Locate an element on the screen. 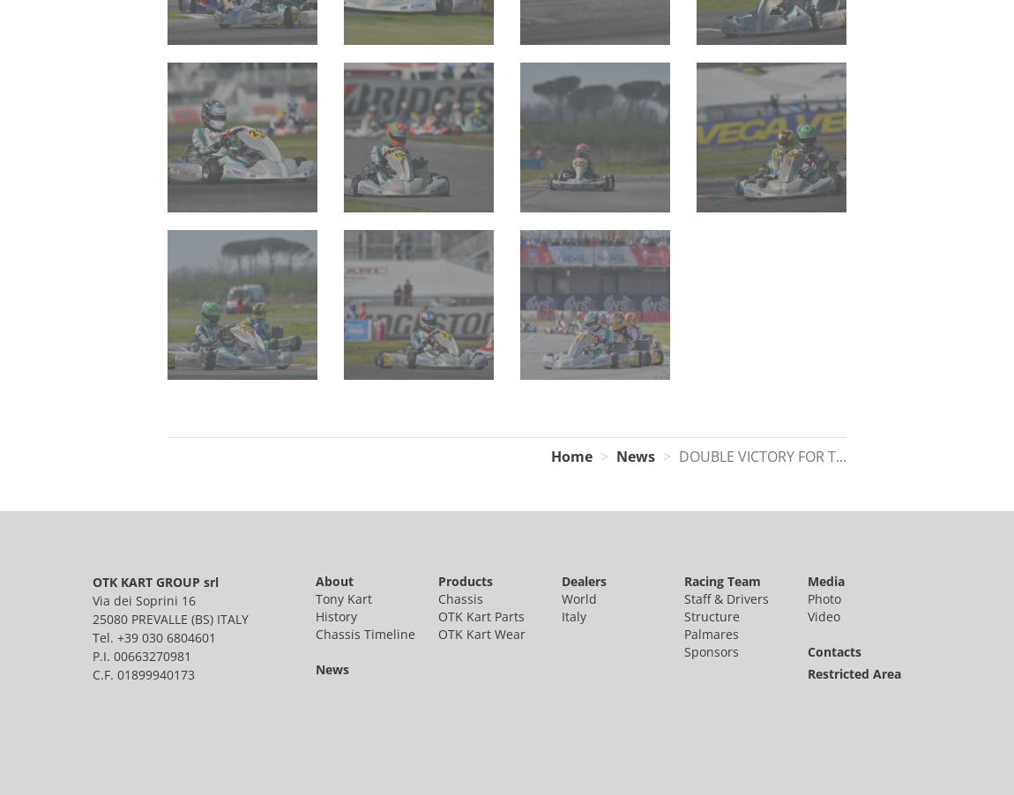  'Products' is located at coordinates (465, 579).